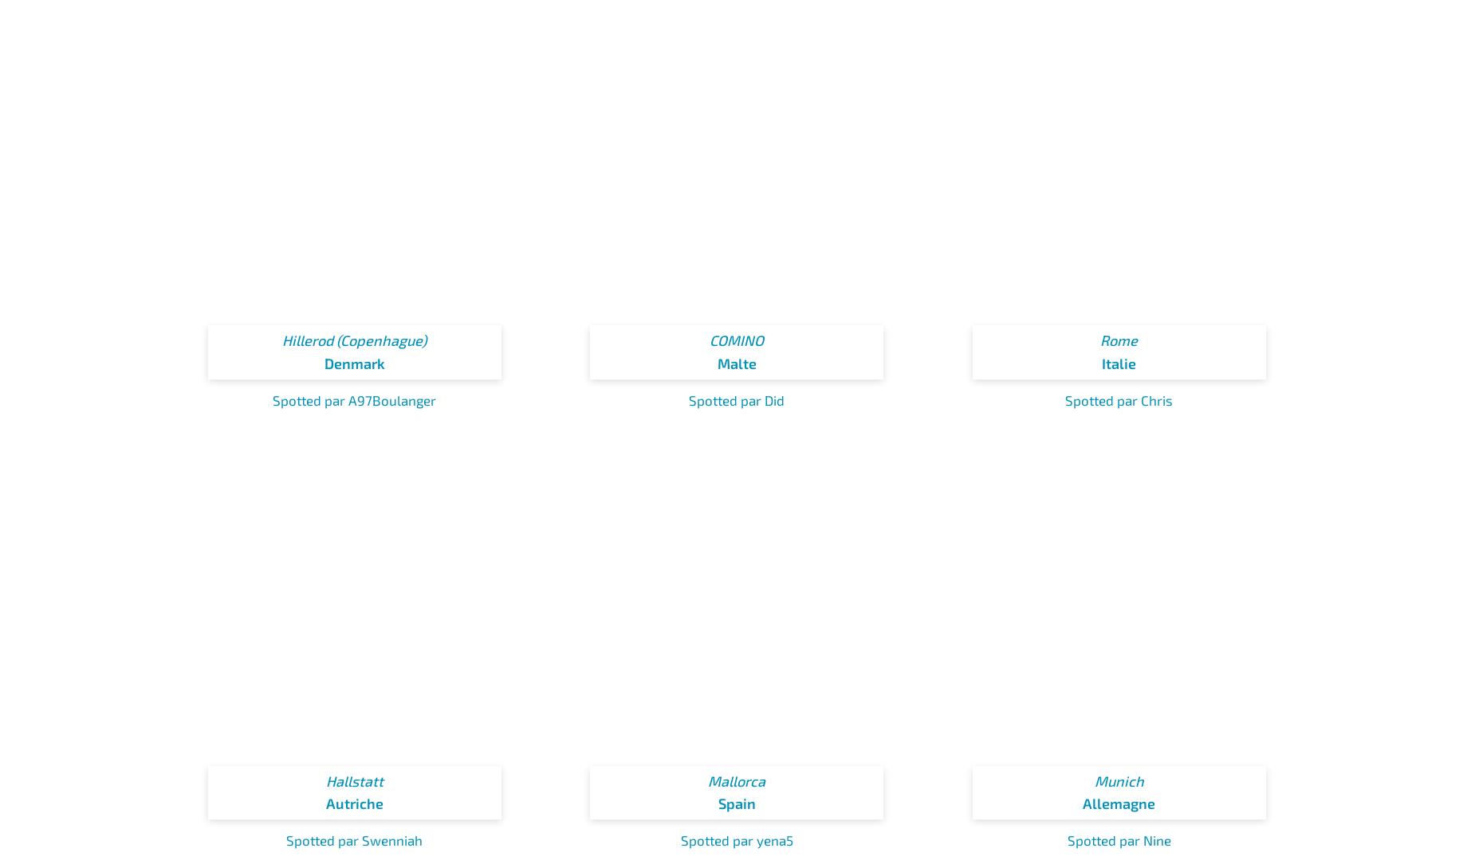 Image resolution: width=1475 pixels, height=856 pixels. Describe the element at coordinates (736, 802) in the screenshot. I see `'Spain'` at that location.